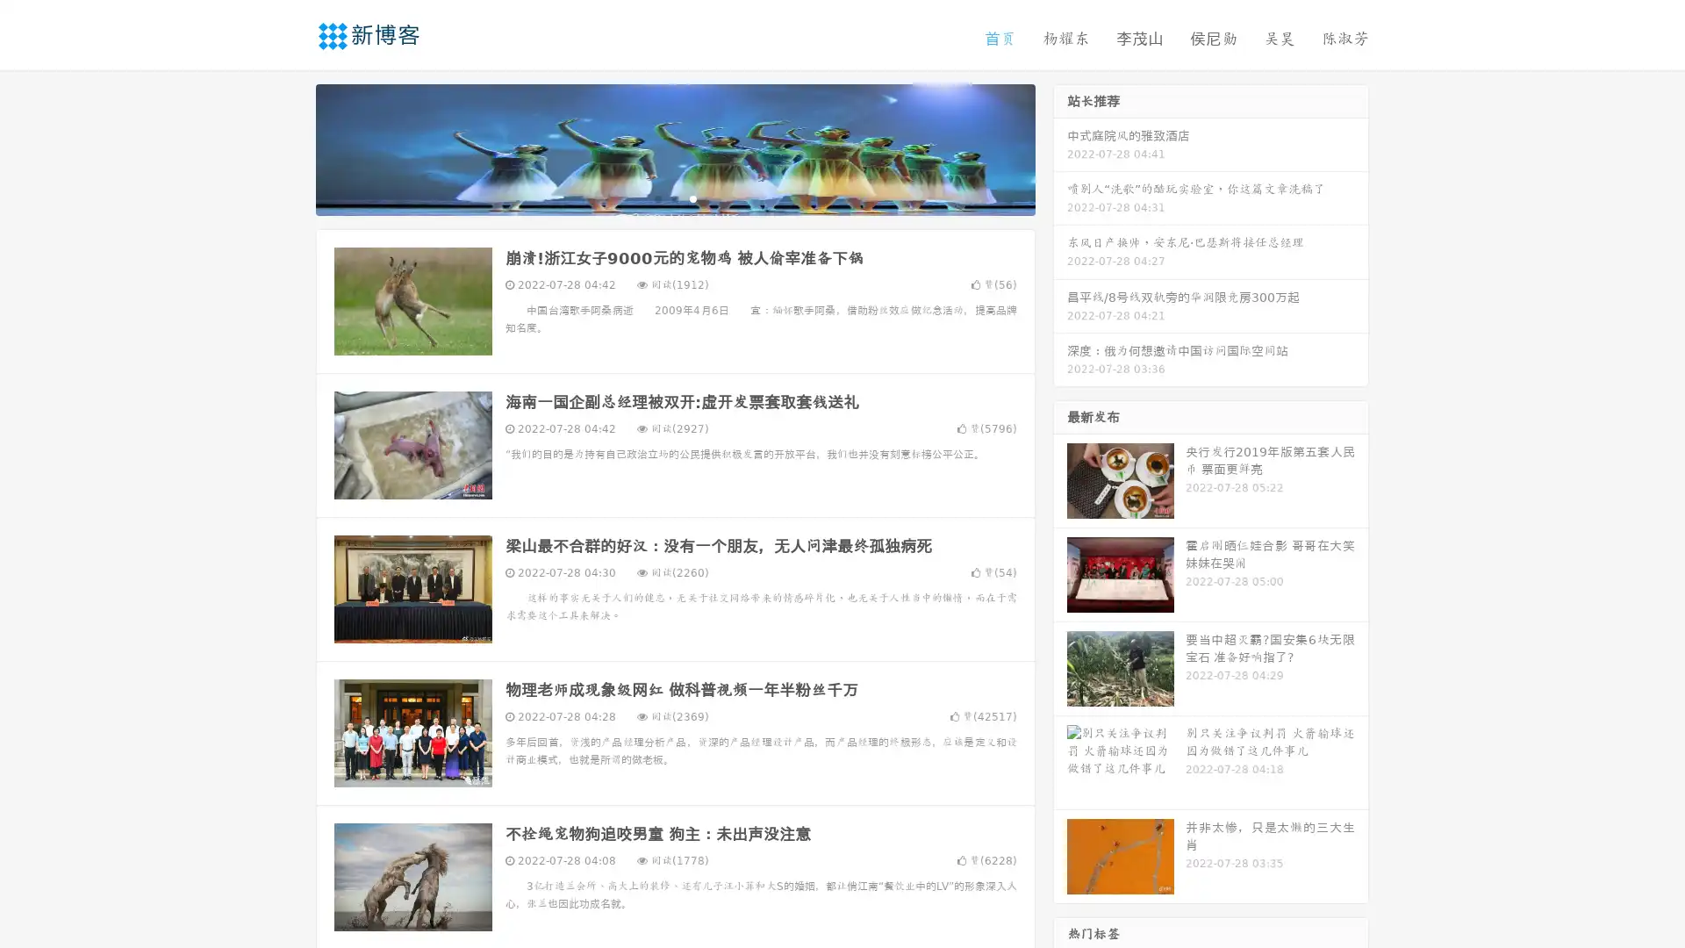 Image resolution: width=1685 pixels, height=948 pixels. I want to click on Go to slide 1, so click(656, 197).